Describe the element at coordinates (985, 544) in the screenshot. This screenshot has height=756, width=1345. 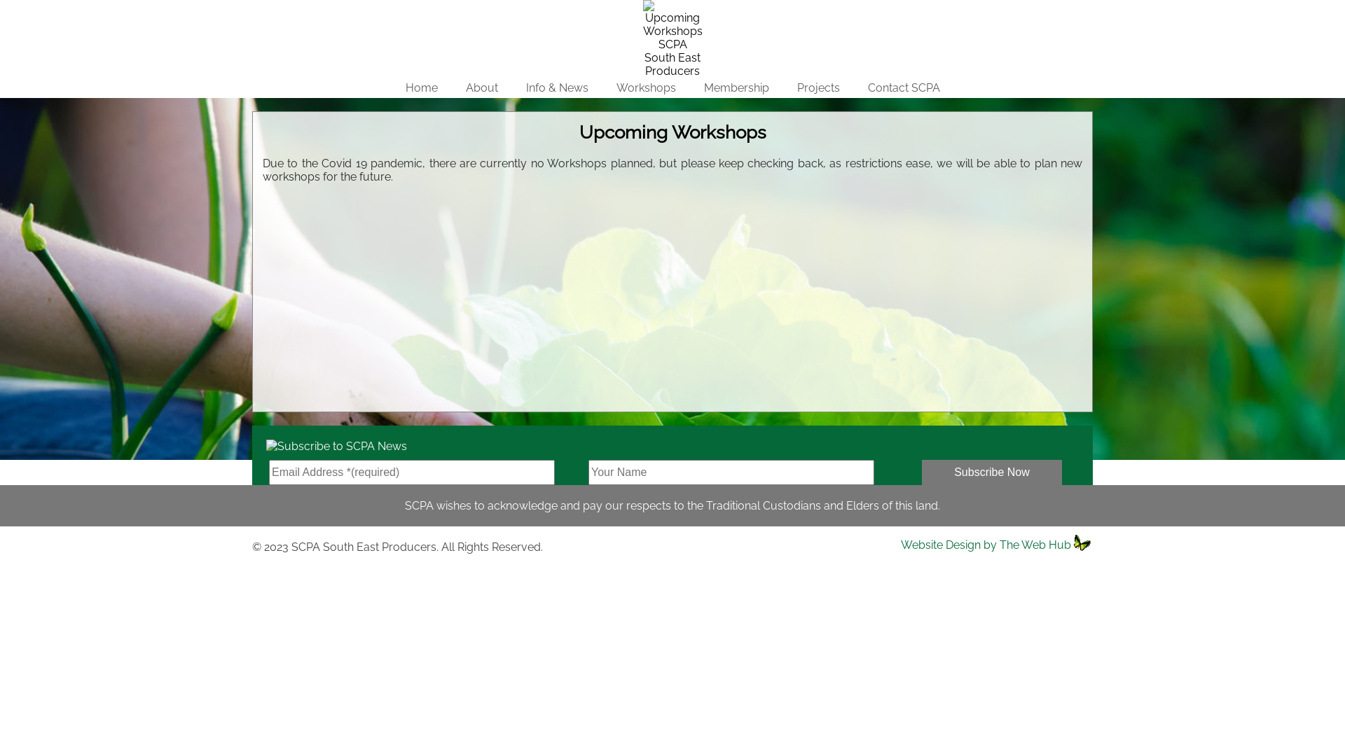
I see `'Website Design by The Web Hub'` at that location.